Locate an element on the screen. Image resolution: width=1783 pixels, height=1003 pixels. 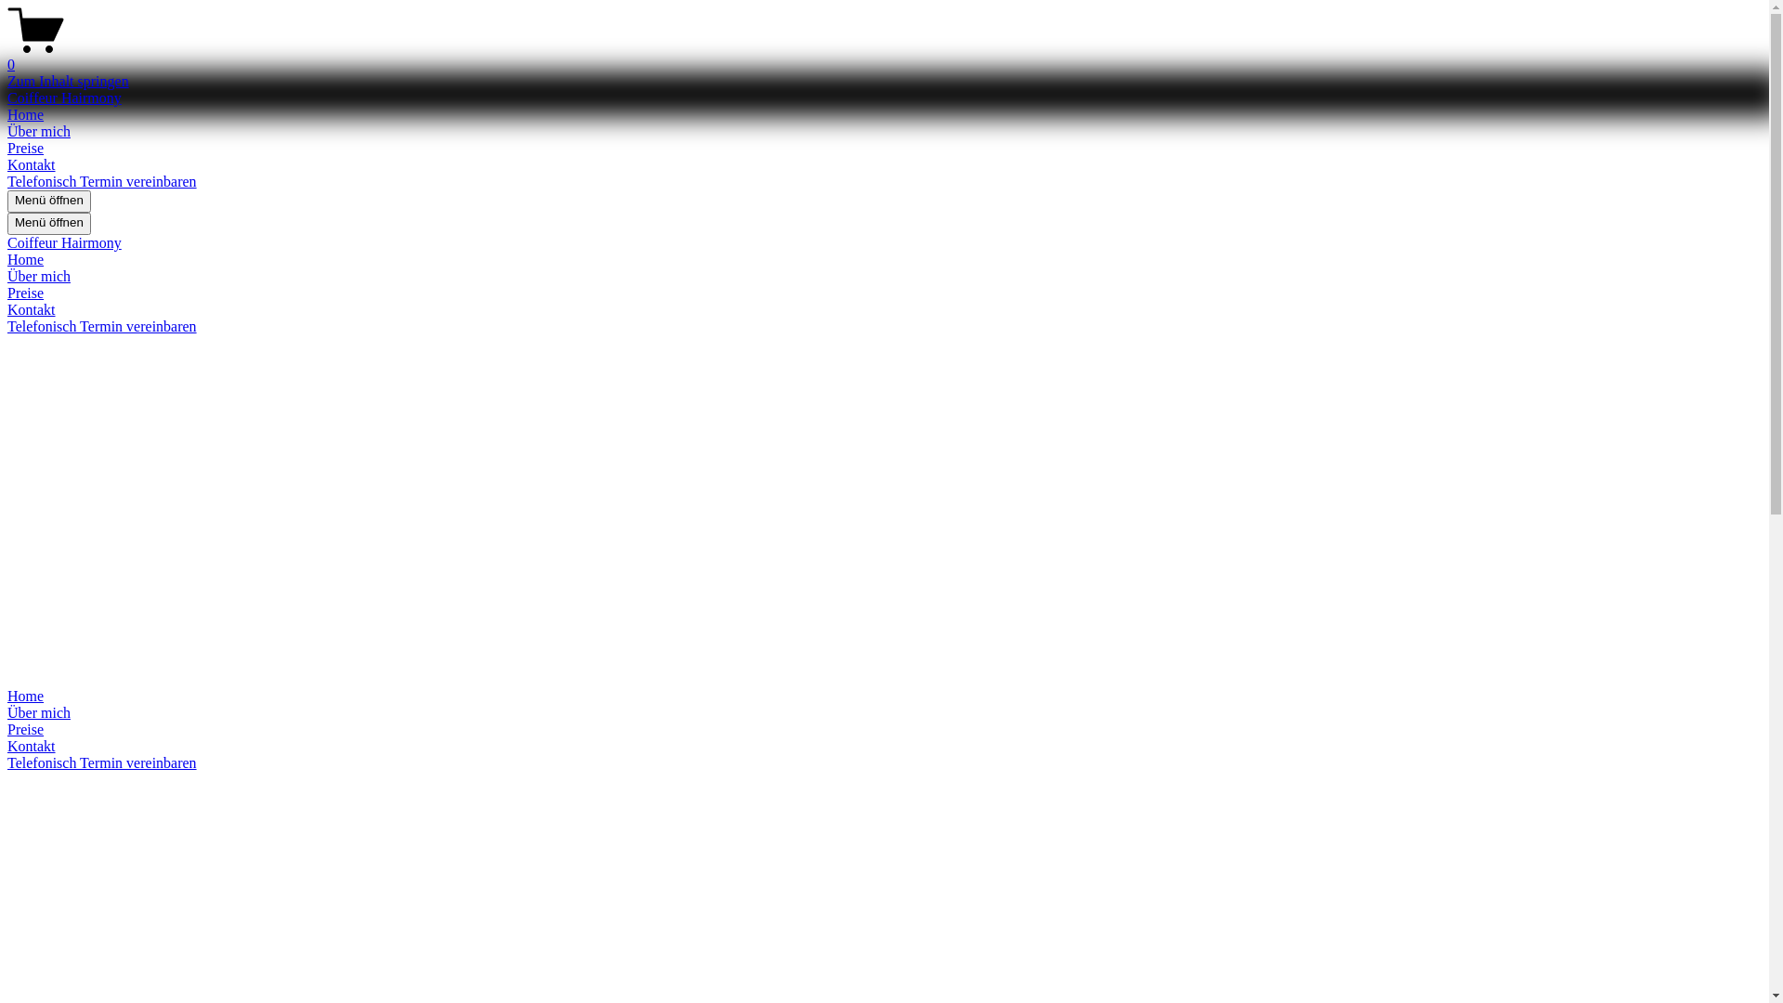
'Preise' is located at coordinates (25, 293).